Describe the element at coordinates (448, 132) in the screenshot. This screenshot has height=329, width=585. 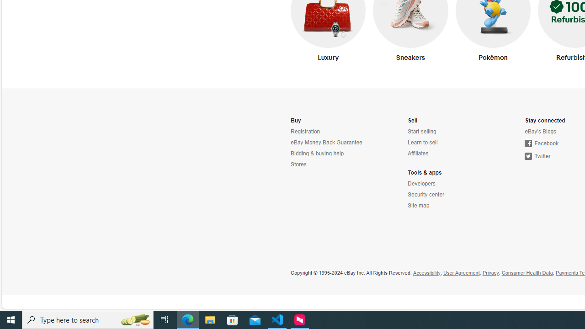
I see `'Start selling'` at that location.